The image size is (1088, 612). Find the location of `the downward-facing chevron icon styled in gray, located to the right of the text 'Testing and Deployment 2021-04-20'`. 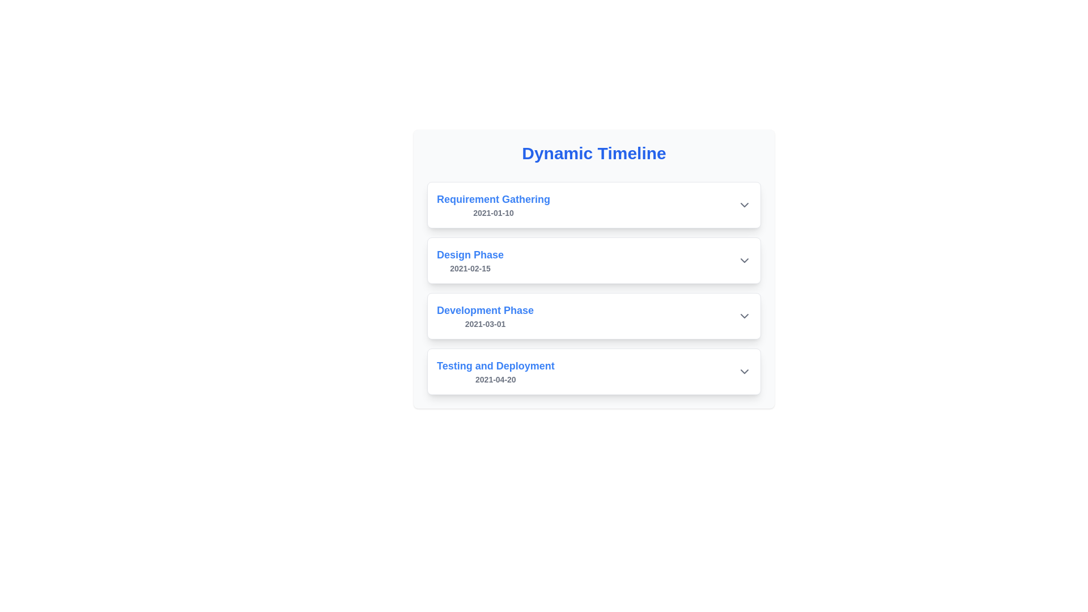

the downward-facing chevron icon styled in gray, located to the right of the text 'Testing and Deployment 2021-04-20' is located at coordinates (745, 371).